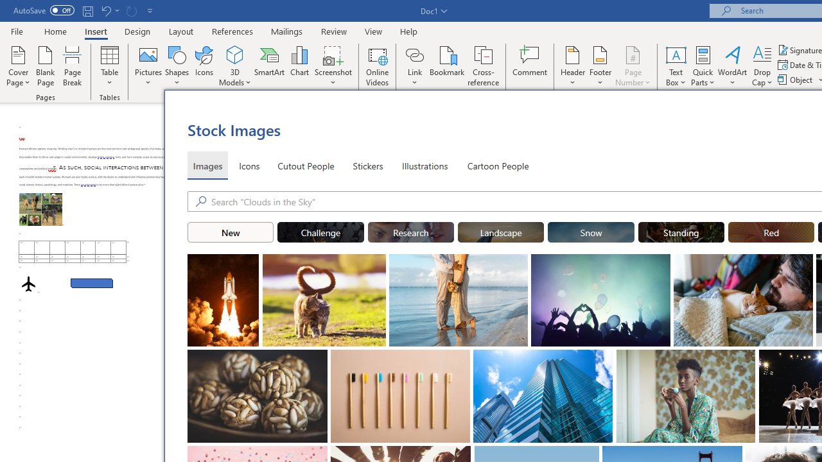 This screenshot has width=822, height=462. I want to click on 'SmartArt...', so click(268, 66).